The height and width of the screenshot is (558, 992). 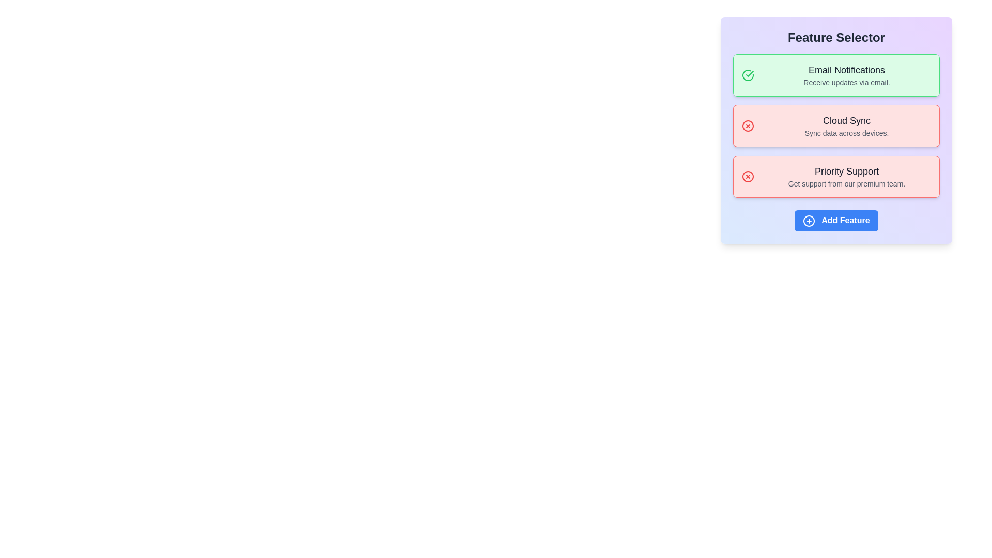 What do you see at coordinates (846, 82) in the screenshot?
I see `the text label providing supplementary information for the 'Email Notifications' feature, which is located directly below the heading within the active green-highlighted feature section` at bounding box center [846, 82].